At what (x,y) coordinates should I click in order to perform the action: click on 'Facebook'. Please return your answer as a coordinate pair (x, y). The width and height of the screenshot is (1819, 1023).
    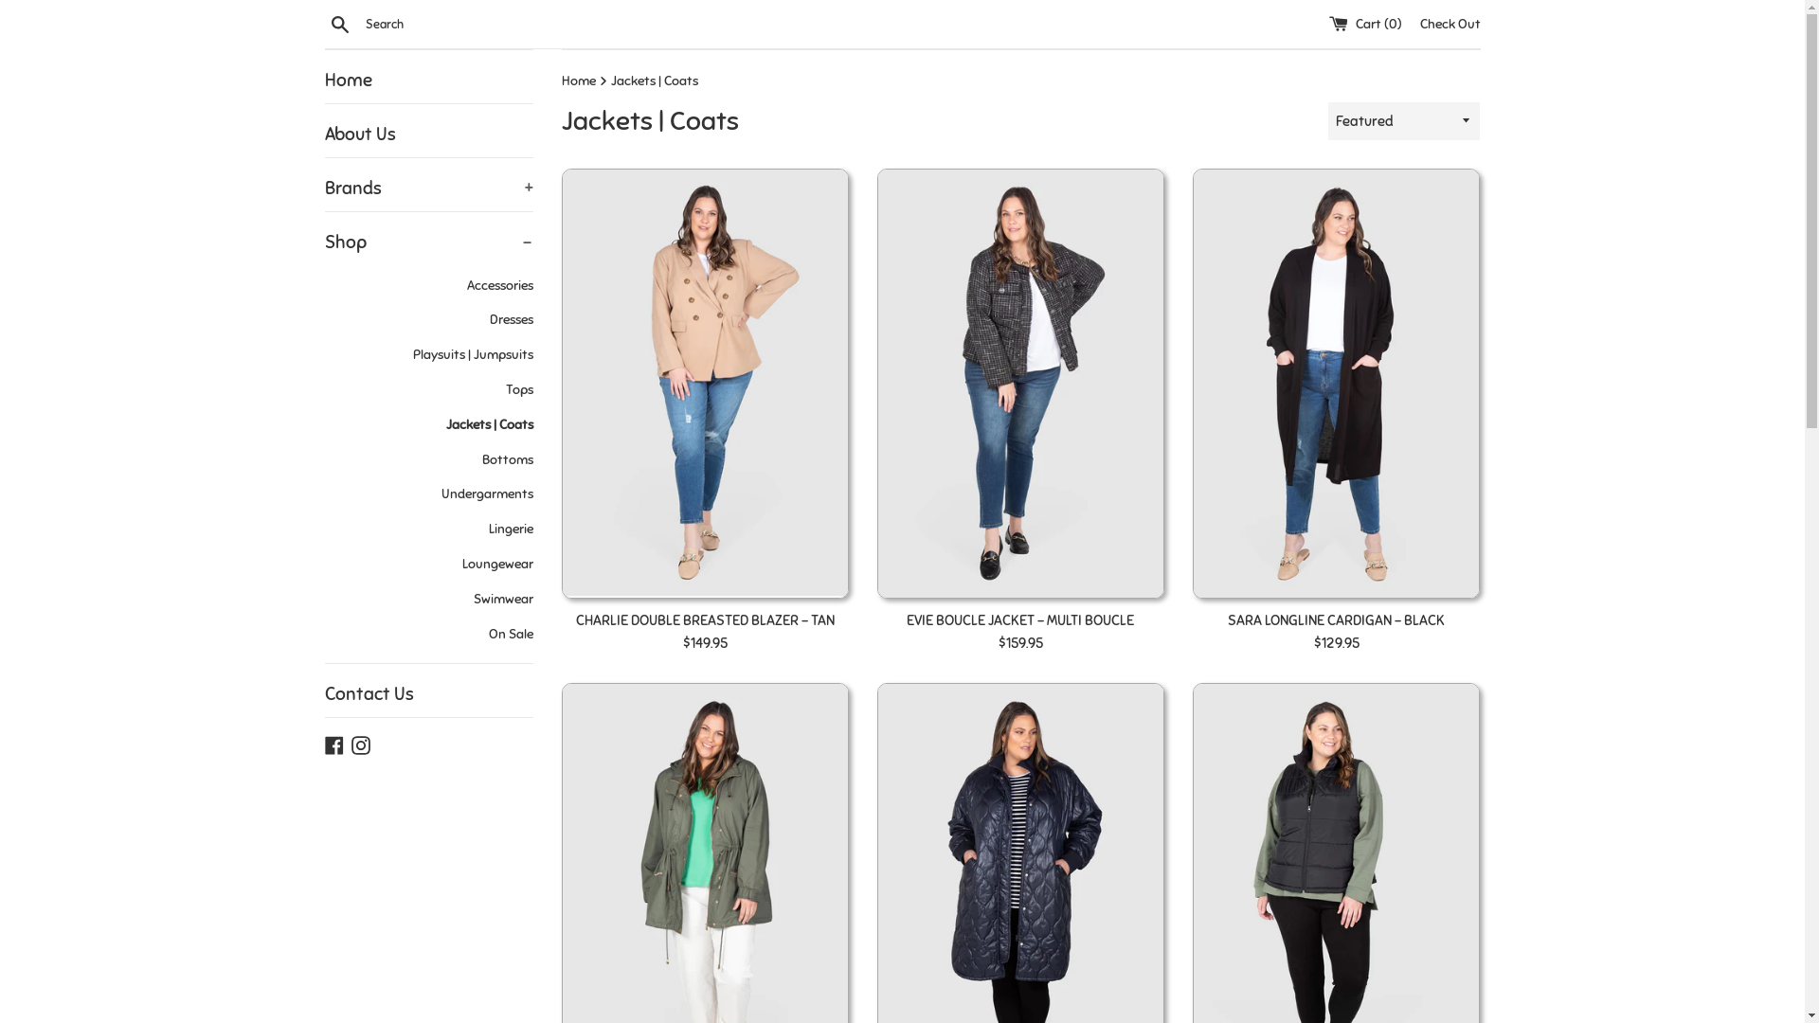
    Looking at the image, I should click on (333, 743).